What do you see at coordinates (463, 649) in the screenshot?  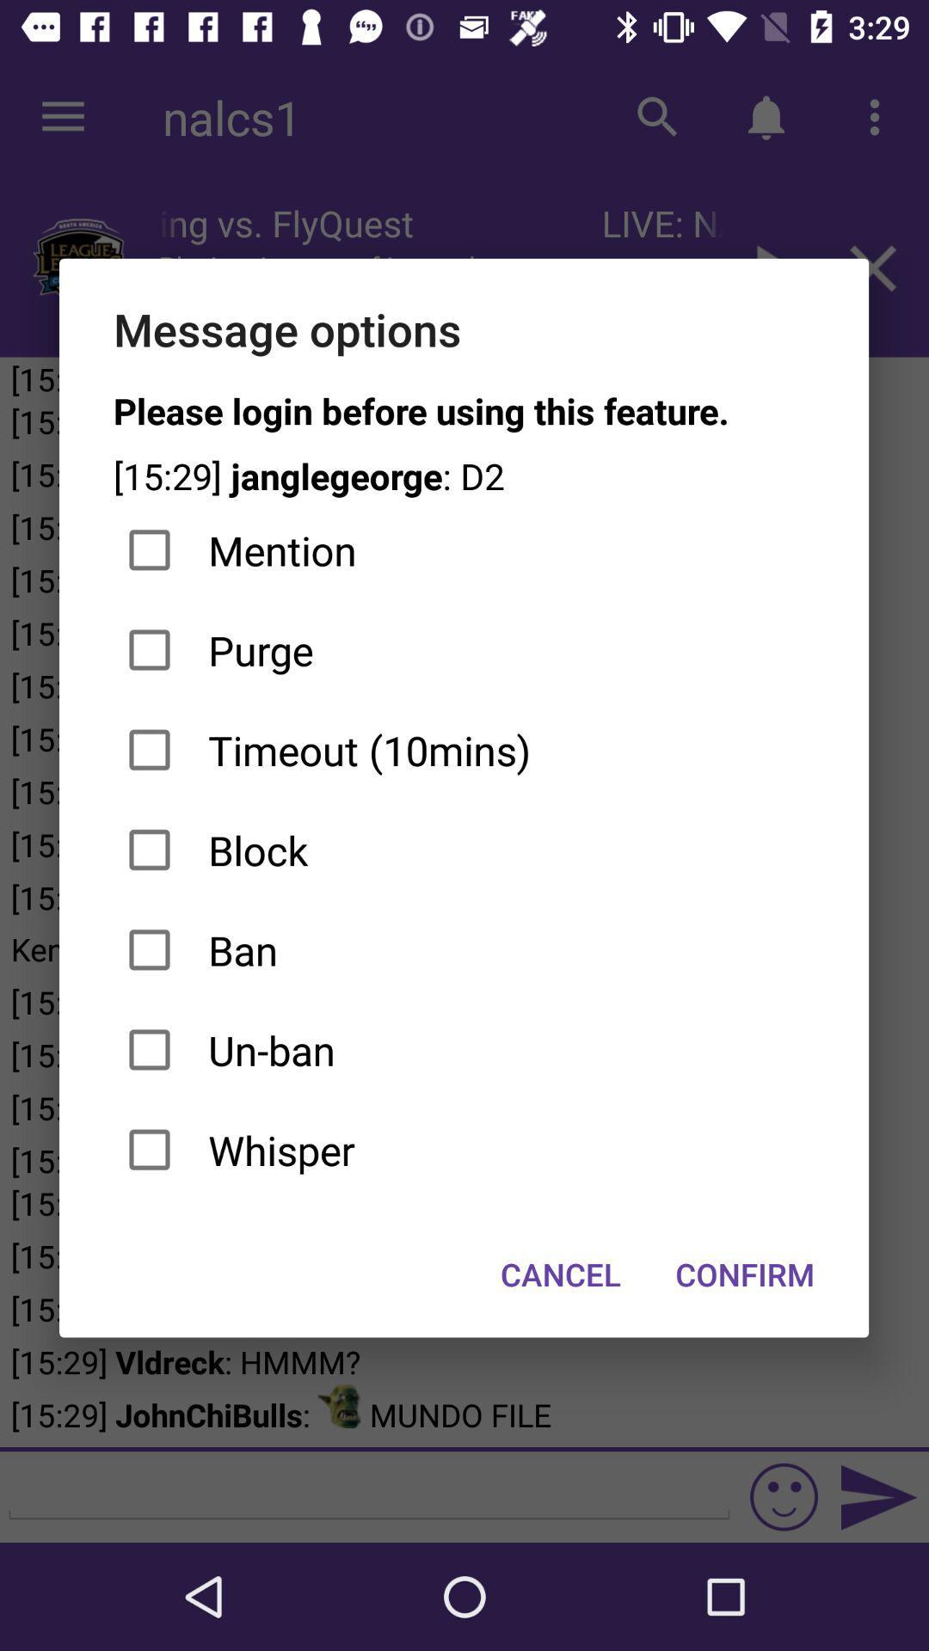 I see `the item below the mention` at bounding box center [463, 649].